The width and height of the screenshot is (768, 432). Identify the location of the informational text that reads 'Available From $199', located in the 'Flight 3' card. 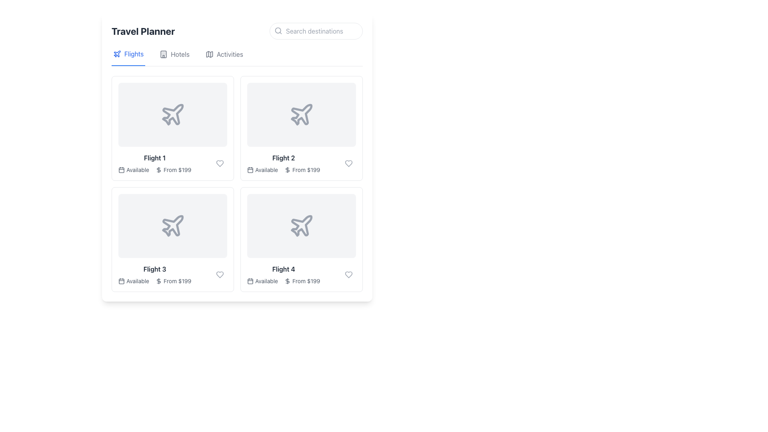
(155, 280).